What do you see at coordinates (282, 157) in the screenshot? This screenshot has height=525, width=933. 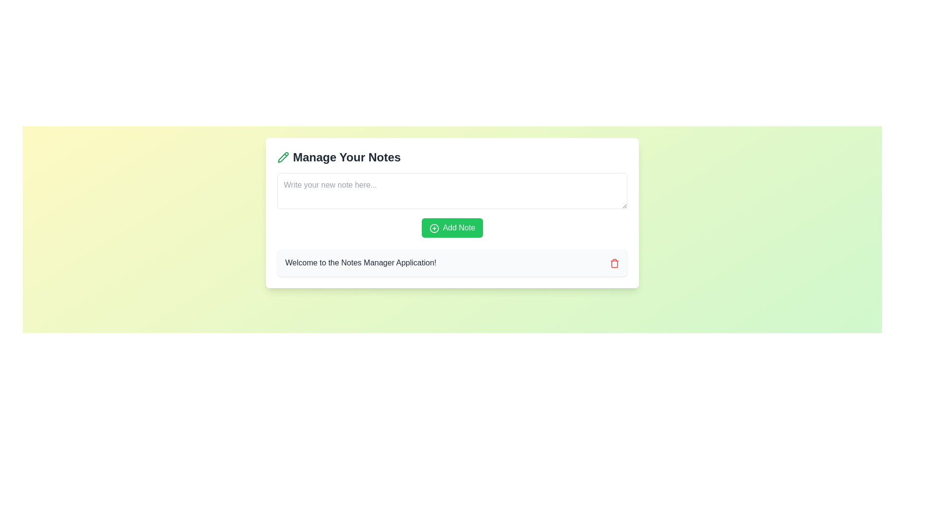 I see `the pencil icon that visually supports the note management theme, located slightly to the left of the 'Manage Your Notes' text` at bounding box center [282, 157].